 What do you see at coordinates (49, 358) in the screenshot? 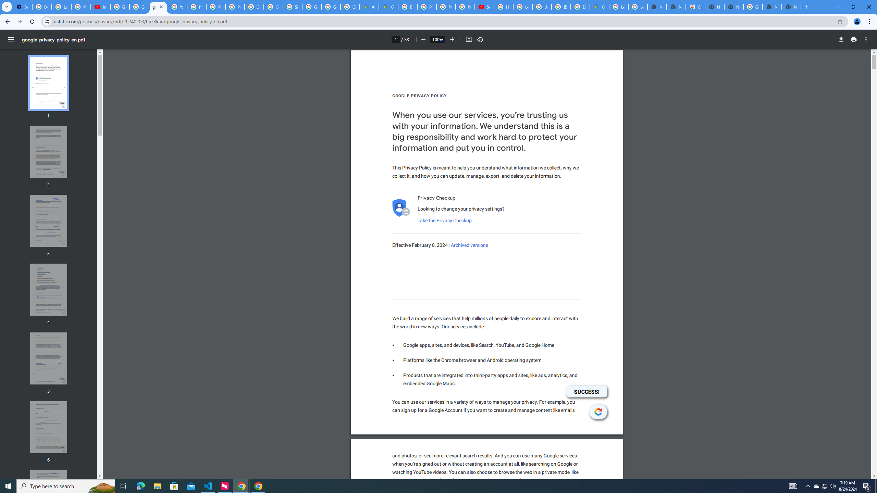
I see `'Thumbnail for page 5'` at bounding box center [49, 358].